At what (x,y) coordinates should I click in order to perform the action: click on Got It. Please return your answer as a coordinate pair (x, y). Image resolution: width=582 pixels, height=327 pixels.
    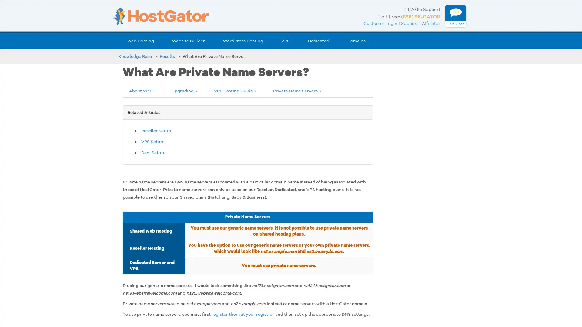
    Looking at the image, I should click on (62, 291).